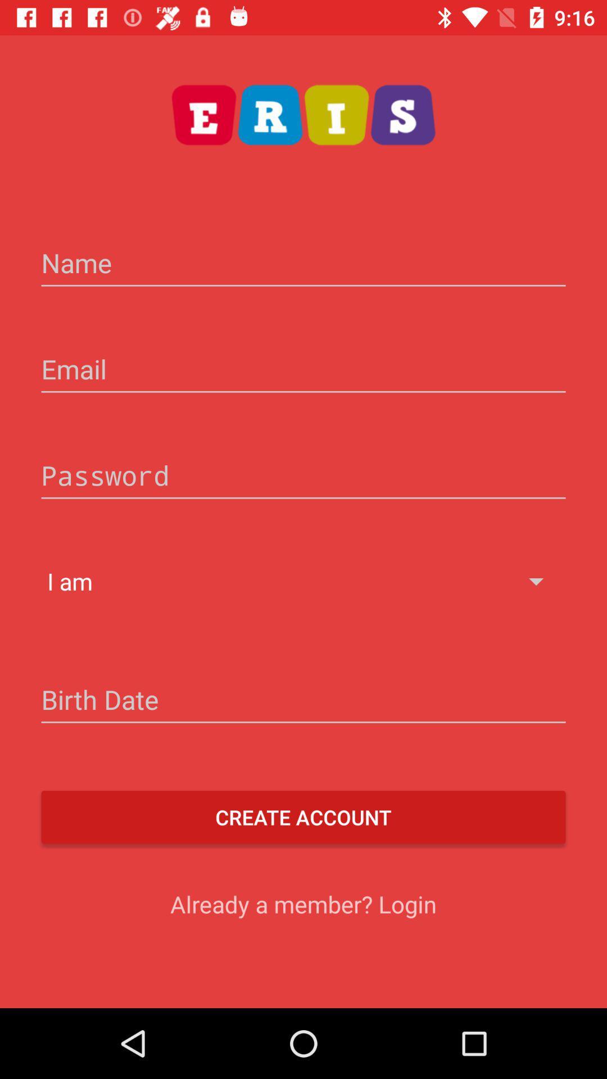 This screenshot has height=1079, width=607. What do you see at coordinates (303, 817) in the screenshot?
I see `the create account item` at bounding box center [303, 817].